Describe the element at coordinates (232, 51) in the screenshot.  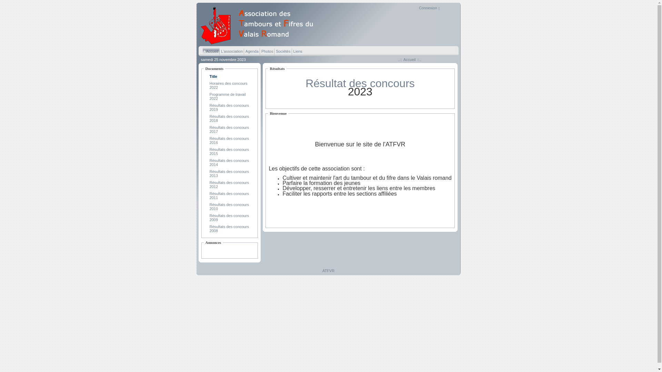
I see `' L'association '` at that location.